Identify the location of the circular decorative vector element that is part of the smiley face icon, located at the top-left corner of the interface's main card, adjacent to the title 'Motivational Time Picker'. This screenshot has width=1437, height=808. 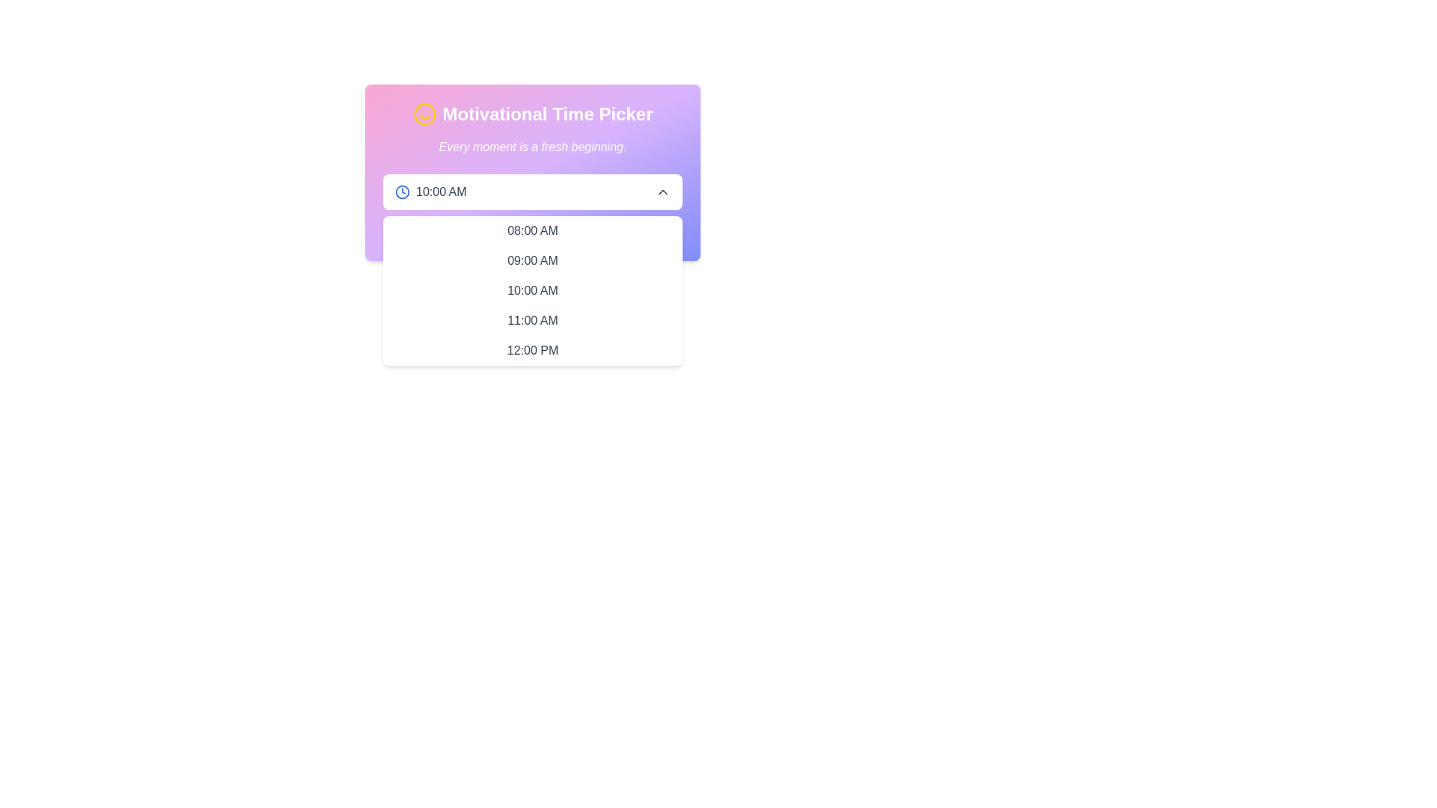
(424, 114).